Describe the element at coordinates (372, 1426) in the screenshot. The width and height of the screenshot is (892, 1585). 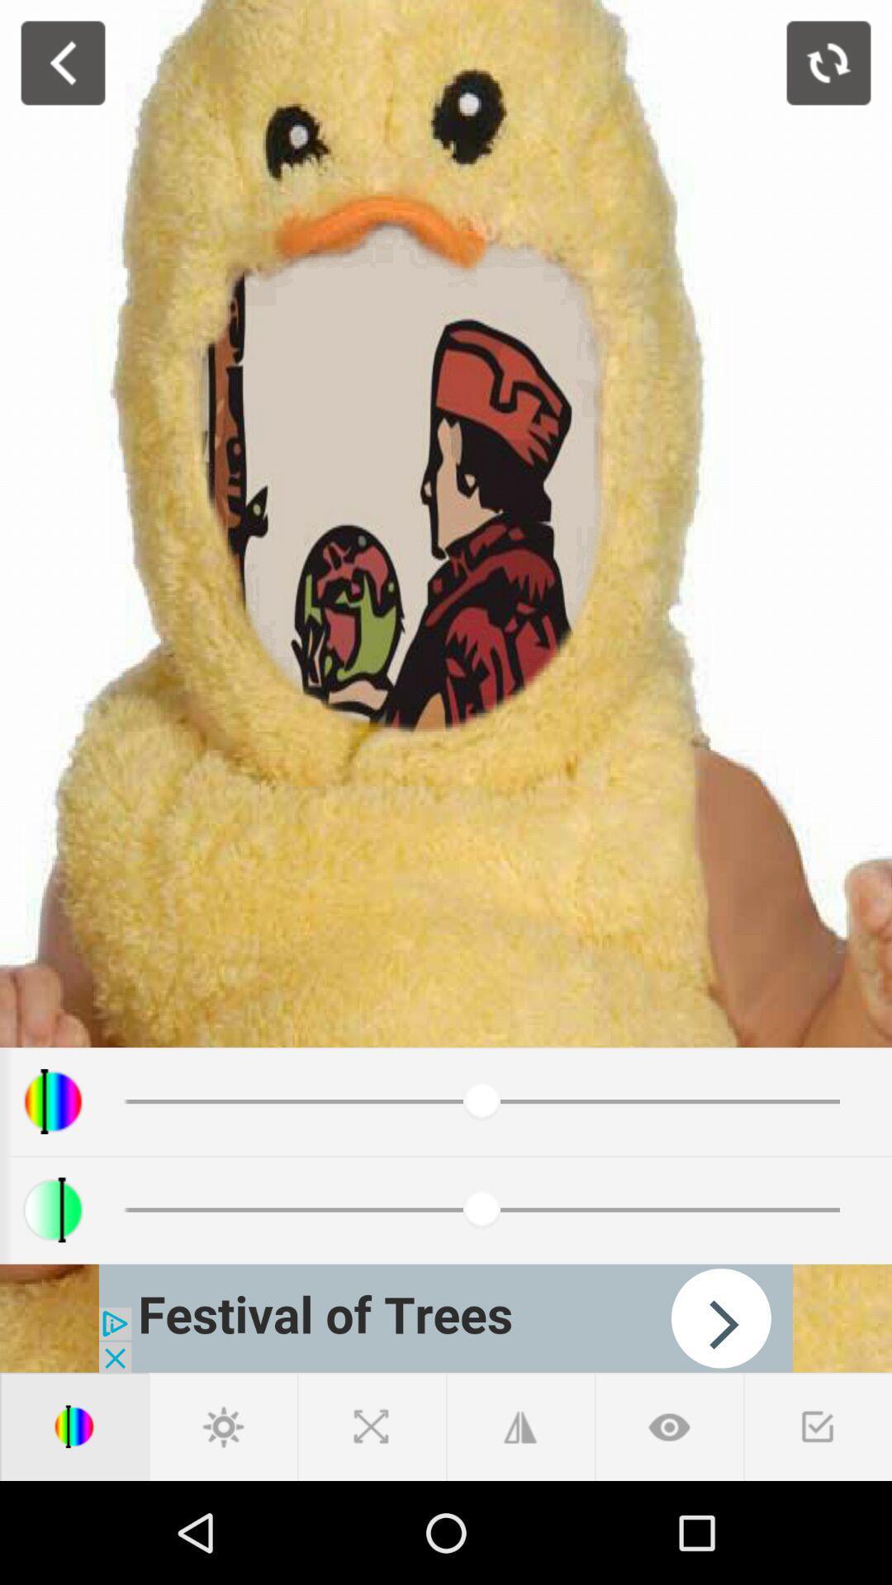
I see `zooming option` at that location.